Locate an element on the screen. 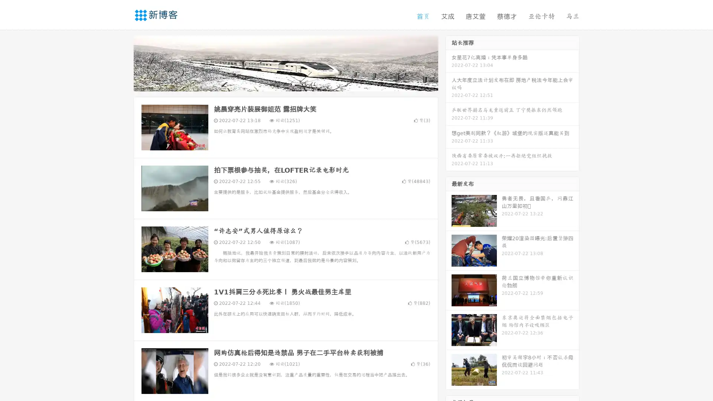 The image size is (713, 401). Previous slide is located at coordinates (123, 62).